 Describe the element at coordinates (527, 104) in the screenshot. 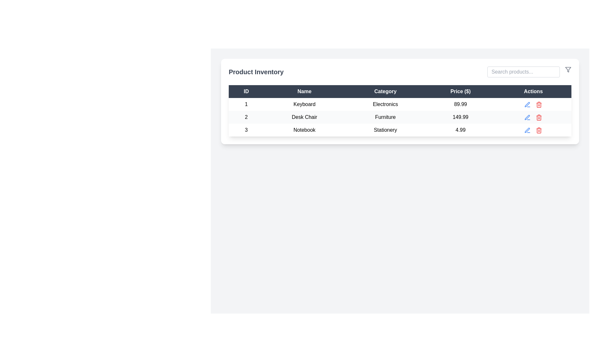

I see `the edit icon, which is a pen shape located in the Actions column next to the Desk Chair entry` at that location.